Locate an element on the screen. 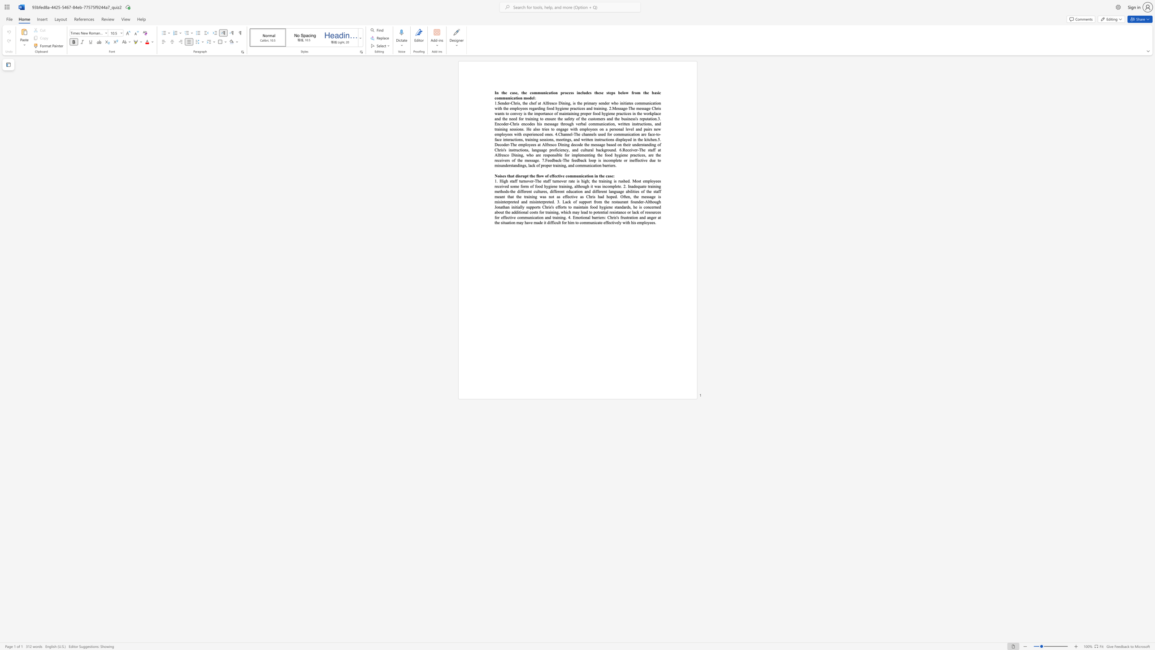 This screenshot has height=650, width=1155. the 2th character "i" in the text is located at coordinates (656, 103).